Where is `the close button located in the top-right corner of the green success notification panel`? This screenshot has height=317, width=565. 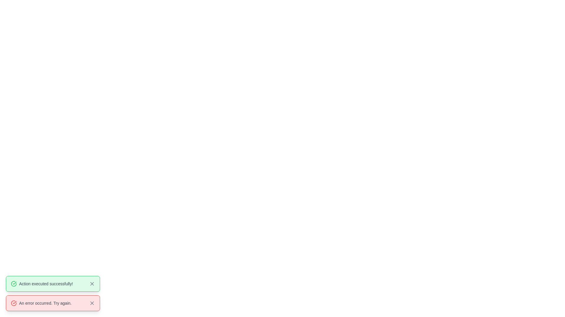
the close button located in the top-right corner of the green success notification panel is located at coordinates (92, 284).